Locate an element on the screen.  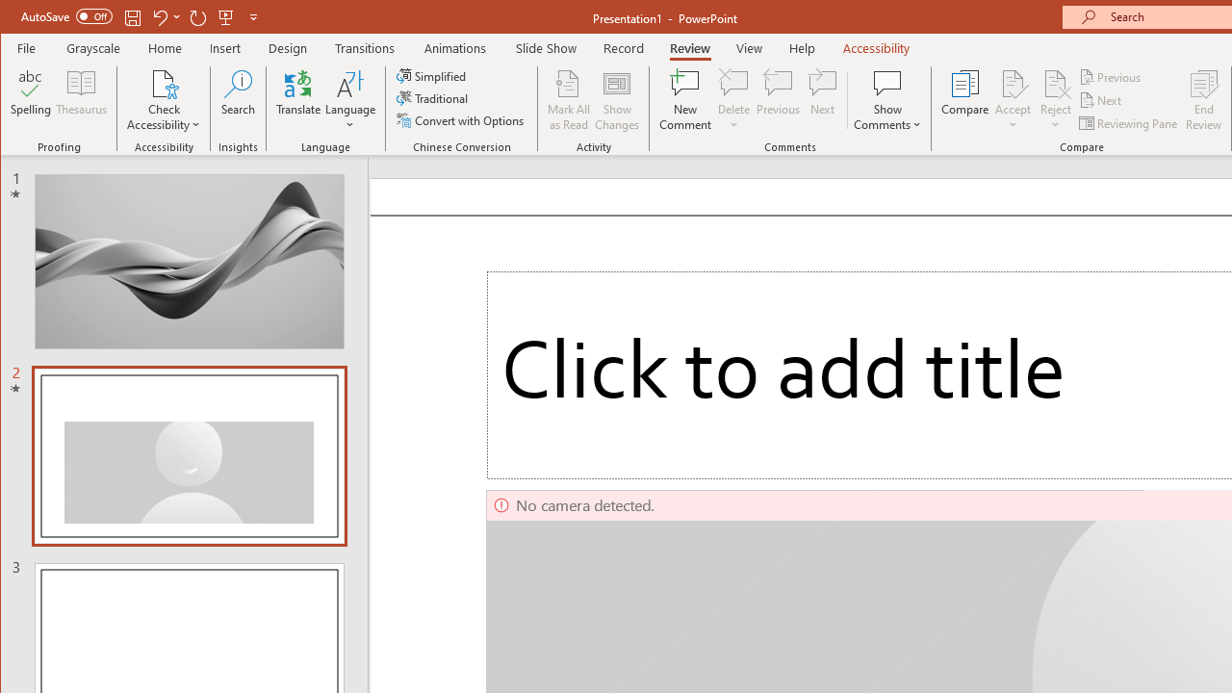
'End Review' is located at coordinates (1203, 100).